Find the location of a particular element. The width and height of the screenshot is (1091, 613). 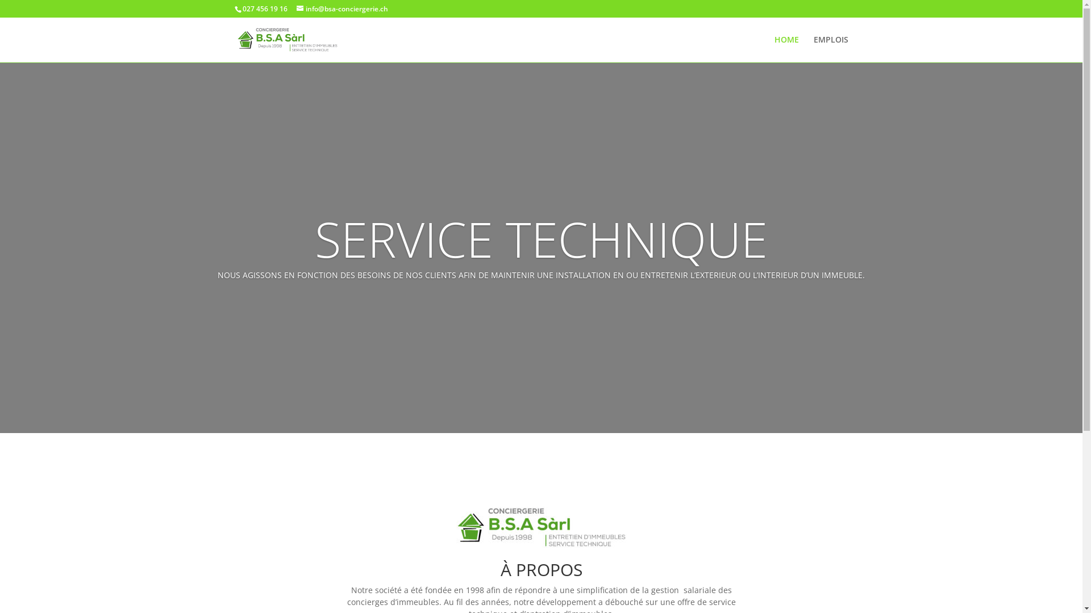

'SERVICE TECHNIQUE' is located at coordinates (540, 238).